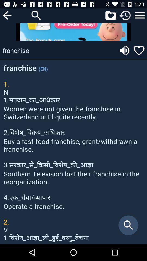  I want to click on the favorite icon, so click(139, 50).